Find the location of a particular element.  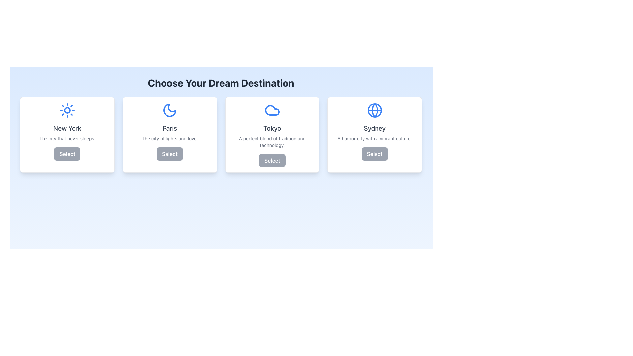

the text label reading 'The city that never sleeps.' which is a small gray subheading located beneath the larger 'New York' heading within a card on a blue background is located at coordinates (67, 138).